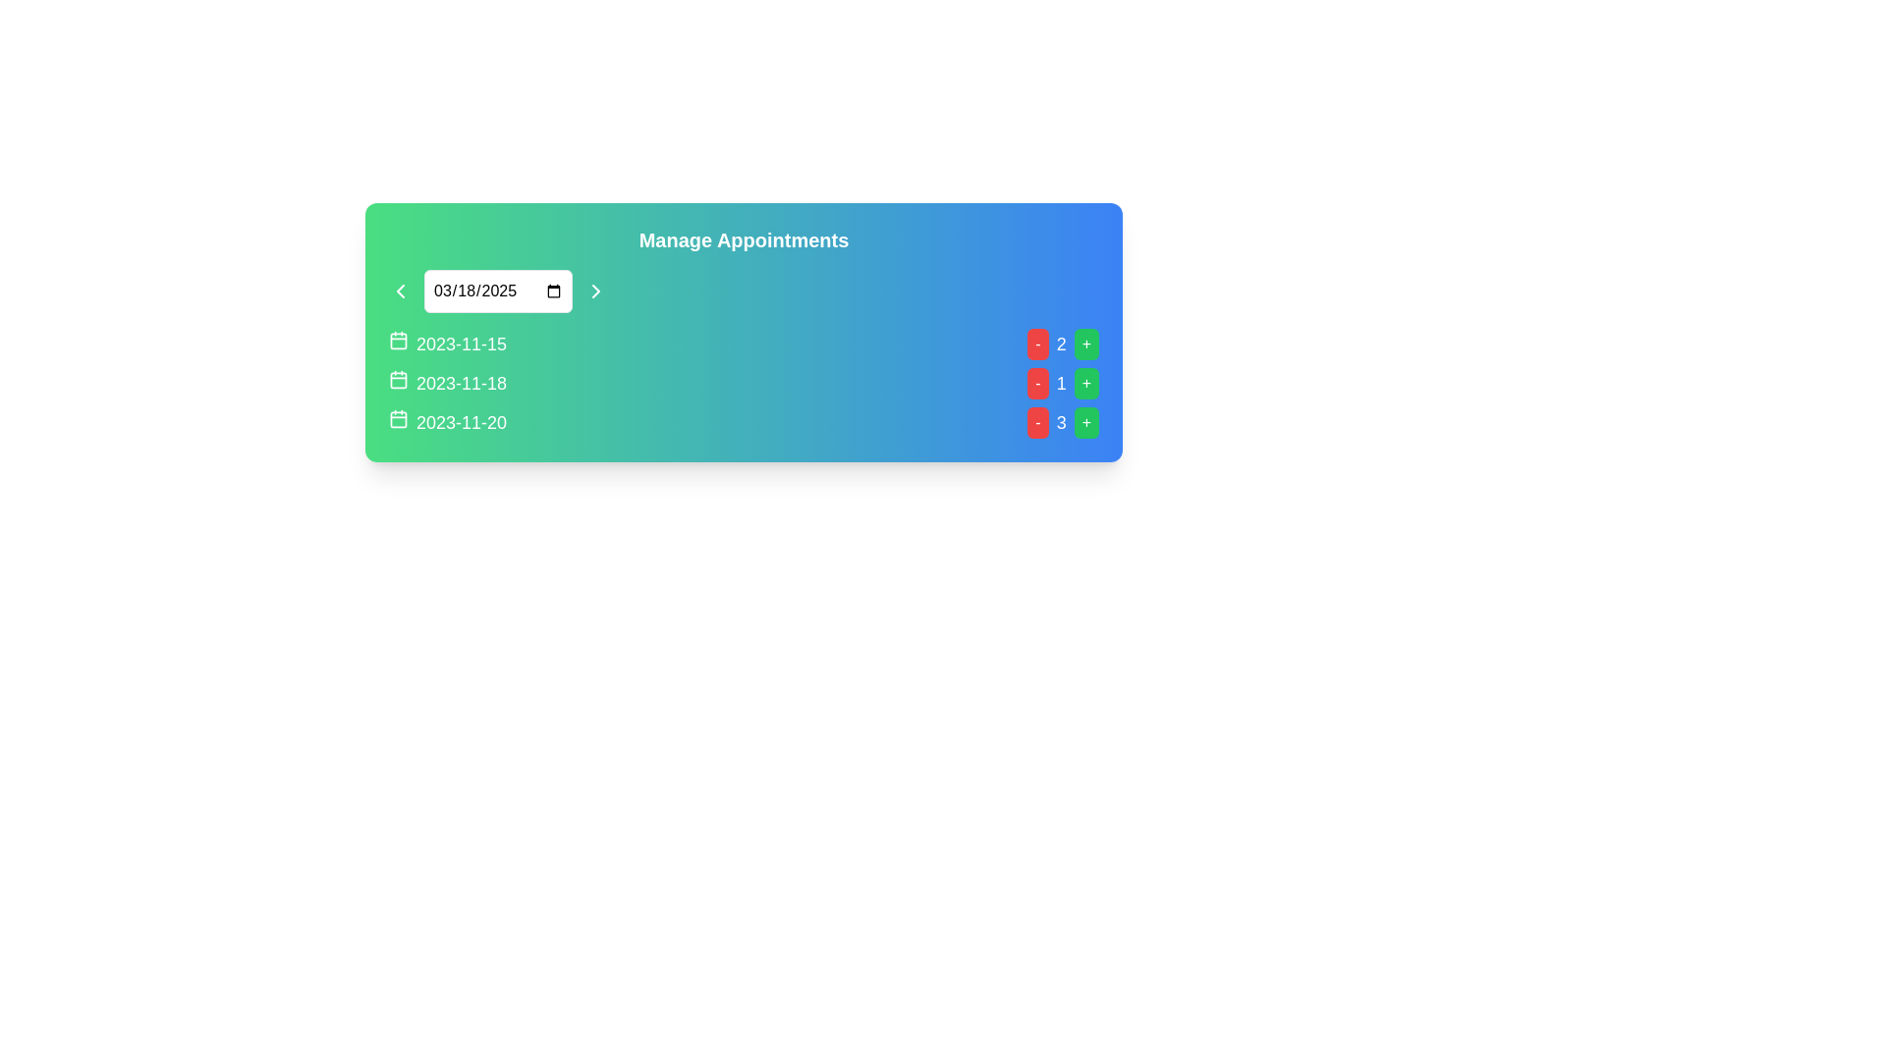 The image size is (1886, 1060). Describe the element at coordinates (400, 291) in the screenshot. I see `the left-facing chevron button with a white stroke on a green background` at that location.